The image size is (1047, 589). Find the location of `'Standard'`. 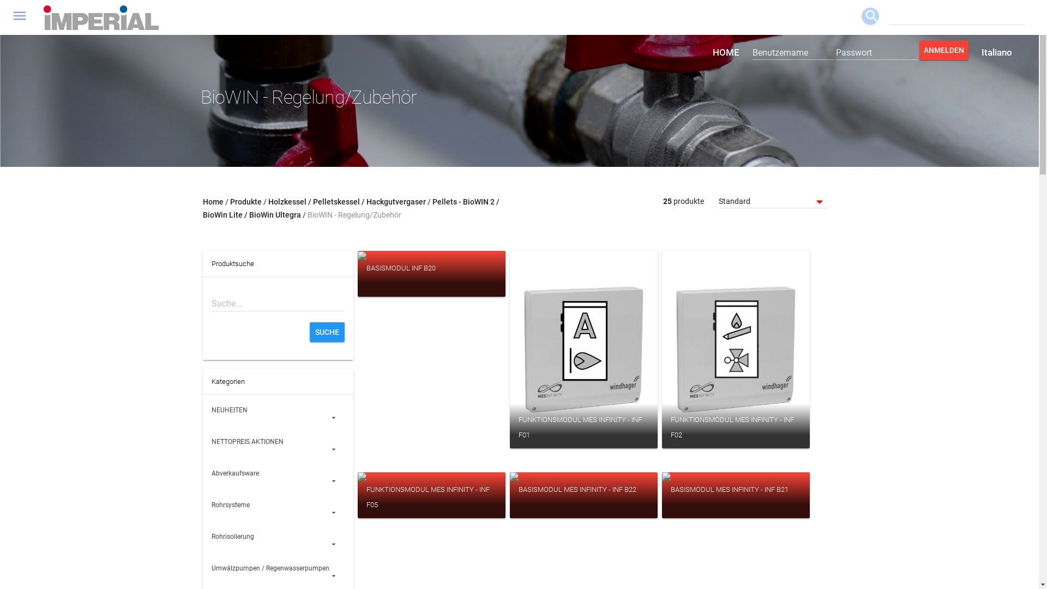

'Standard' is located at coordinates (772, 202).